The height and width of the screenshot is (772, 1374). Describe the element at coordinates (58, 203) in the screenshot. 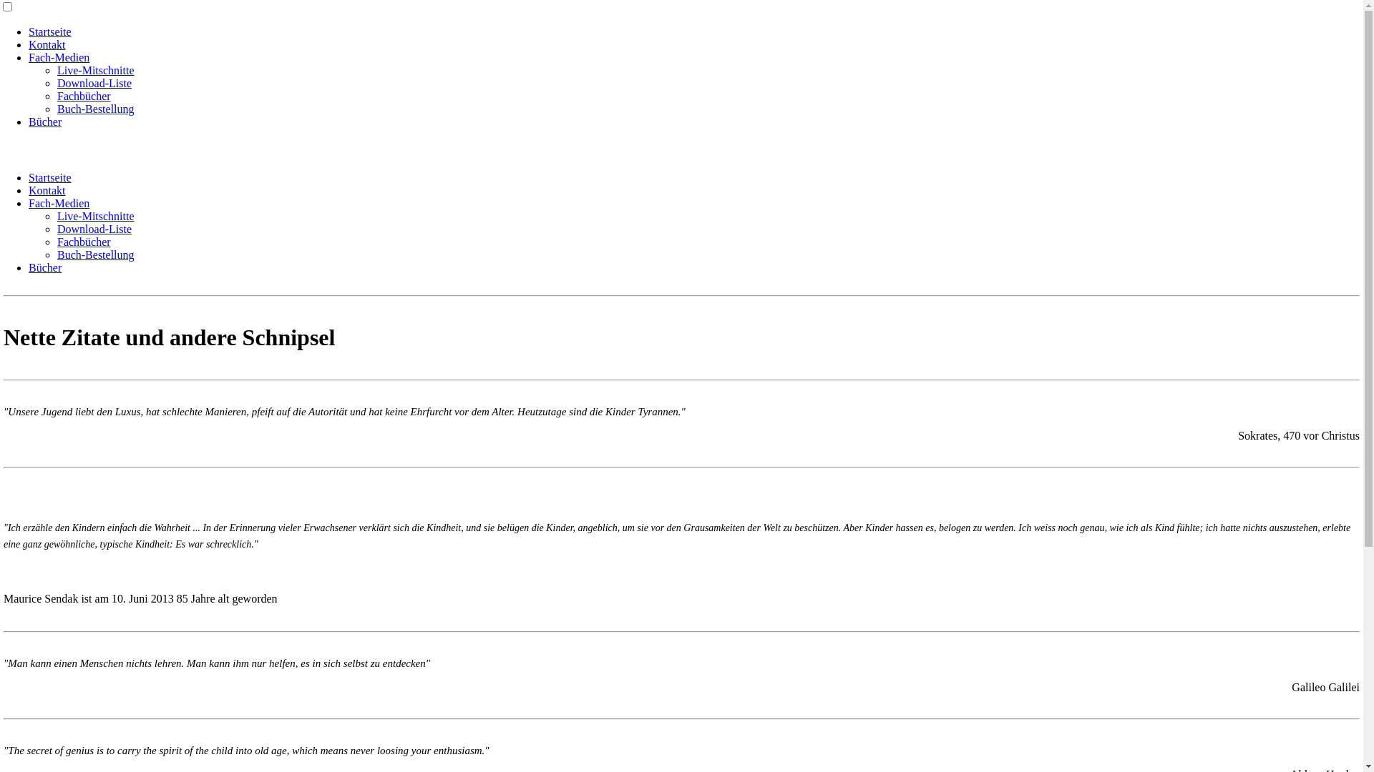

I see `'Fach-Medien'` at that location.